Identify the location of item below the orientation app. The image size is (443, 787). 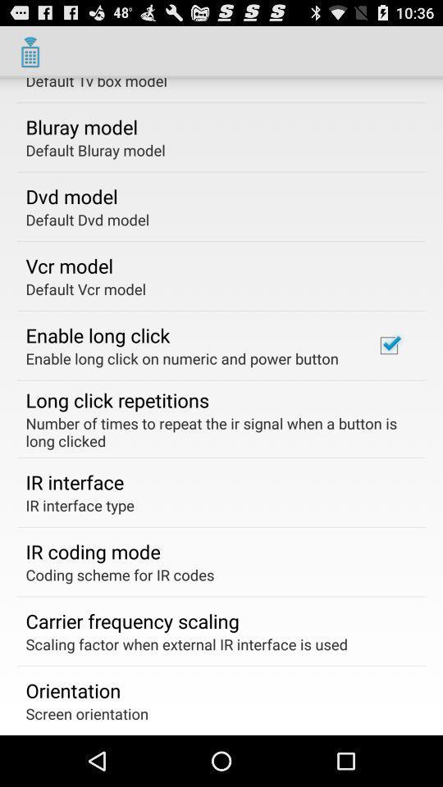
(87, 712).